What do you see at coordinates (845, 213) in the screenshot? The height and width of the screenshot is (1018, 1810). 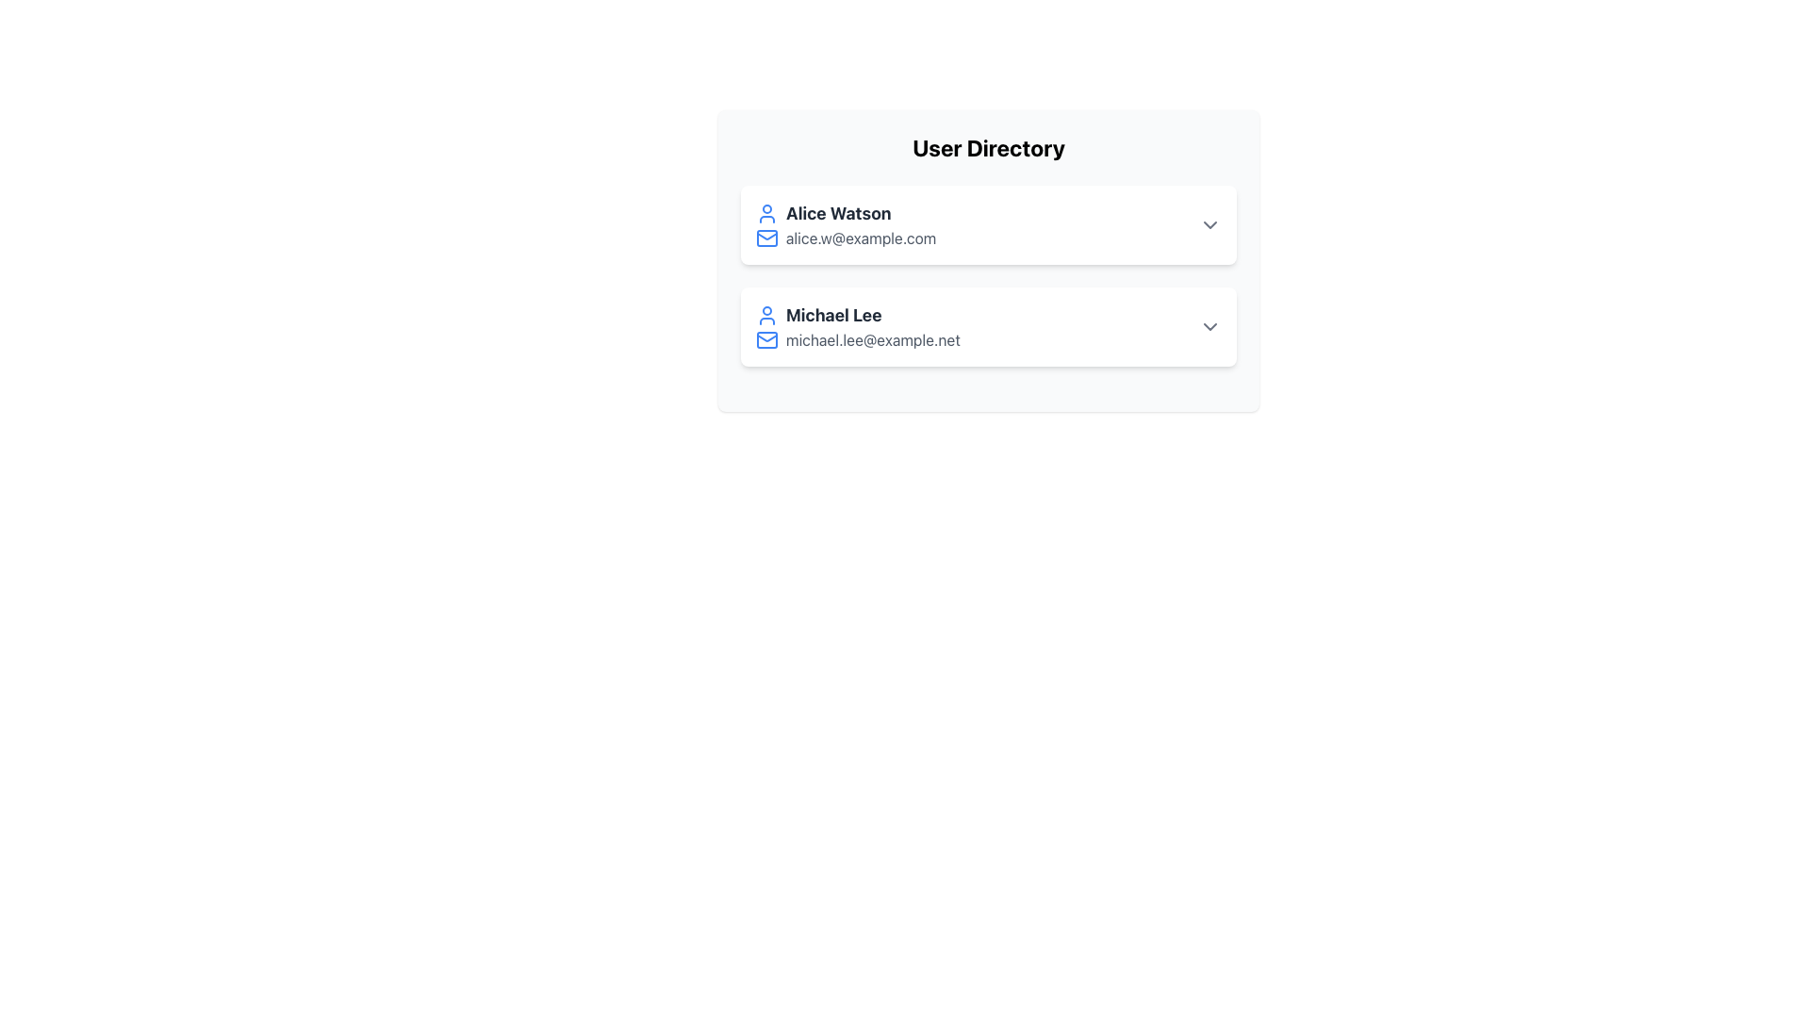 I see `the Text Label displaying 'Alice Watson' in bold, large dark gray font, located adjacent to a user icon and above an email text block` at bounding box center [845, 213].